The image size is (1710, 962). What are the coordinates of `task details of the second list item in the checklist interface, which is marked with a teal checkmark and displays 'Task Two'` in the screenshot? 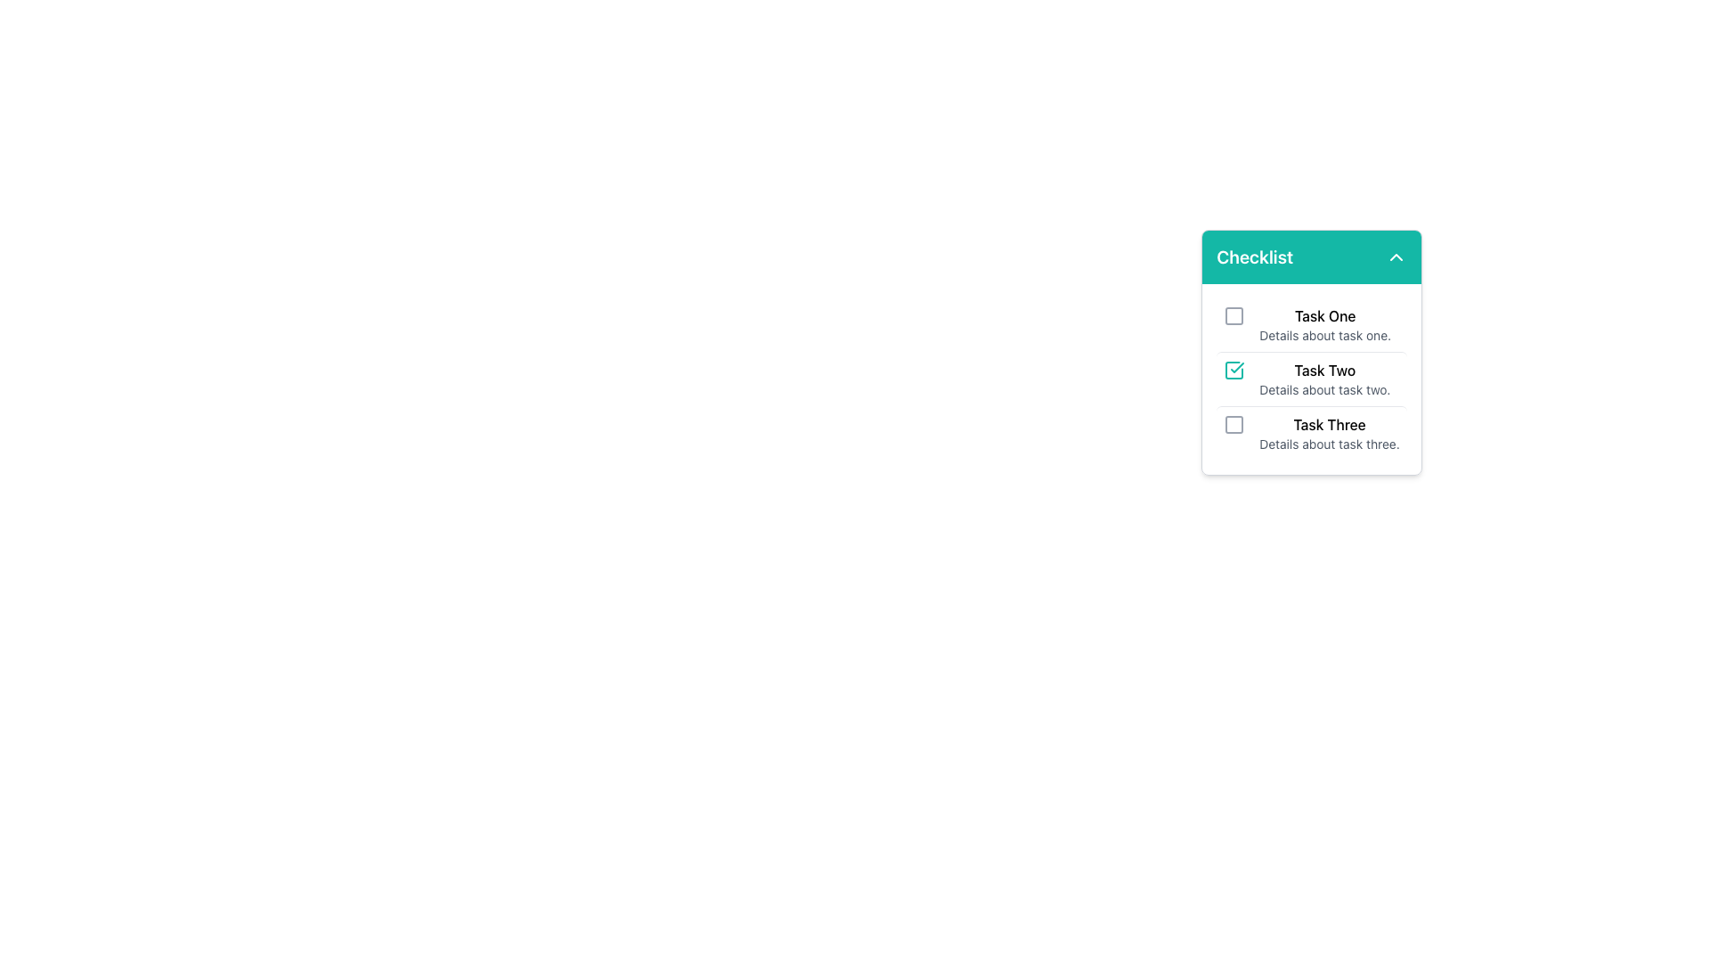 It's located at (1312, 378).